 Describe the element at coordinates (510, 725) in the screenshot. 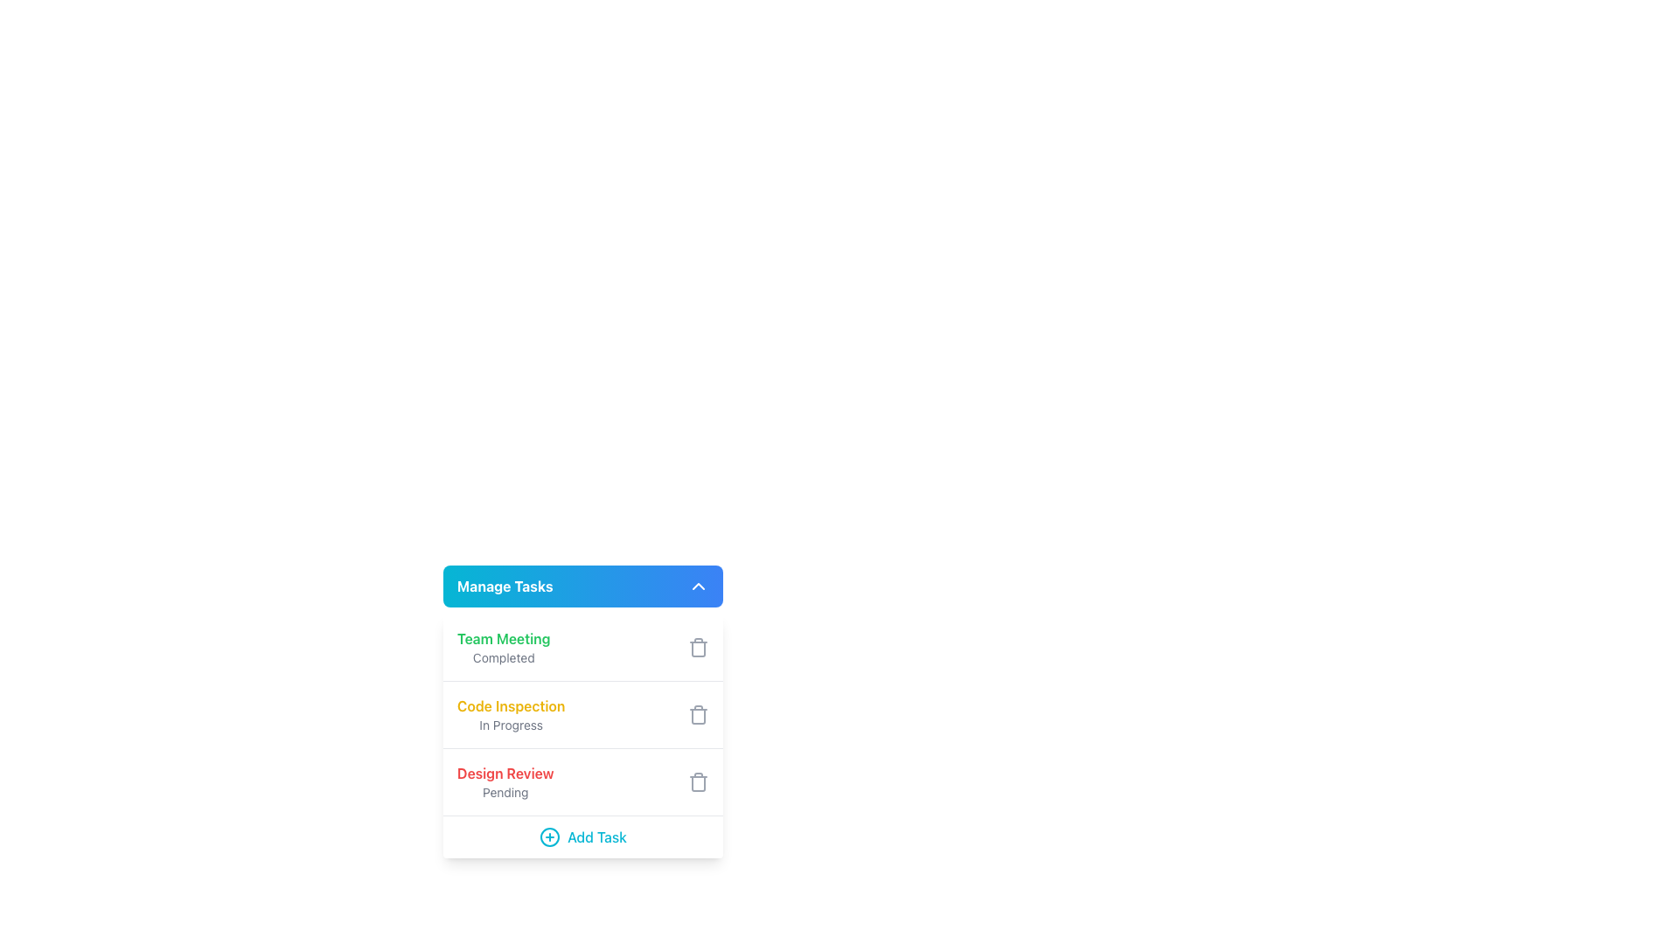

I see `the text label indicating the current status of the task titled 'Code Inspection', which is located below the title and above the subsequent task item entry 'Design Review'` at that location.